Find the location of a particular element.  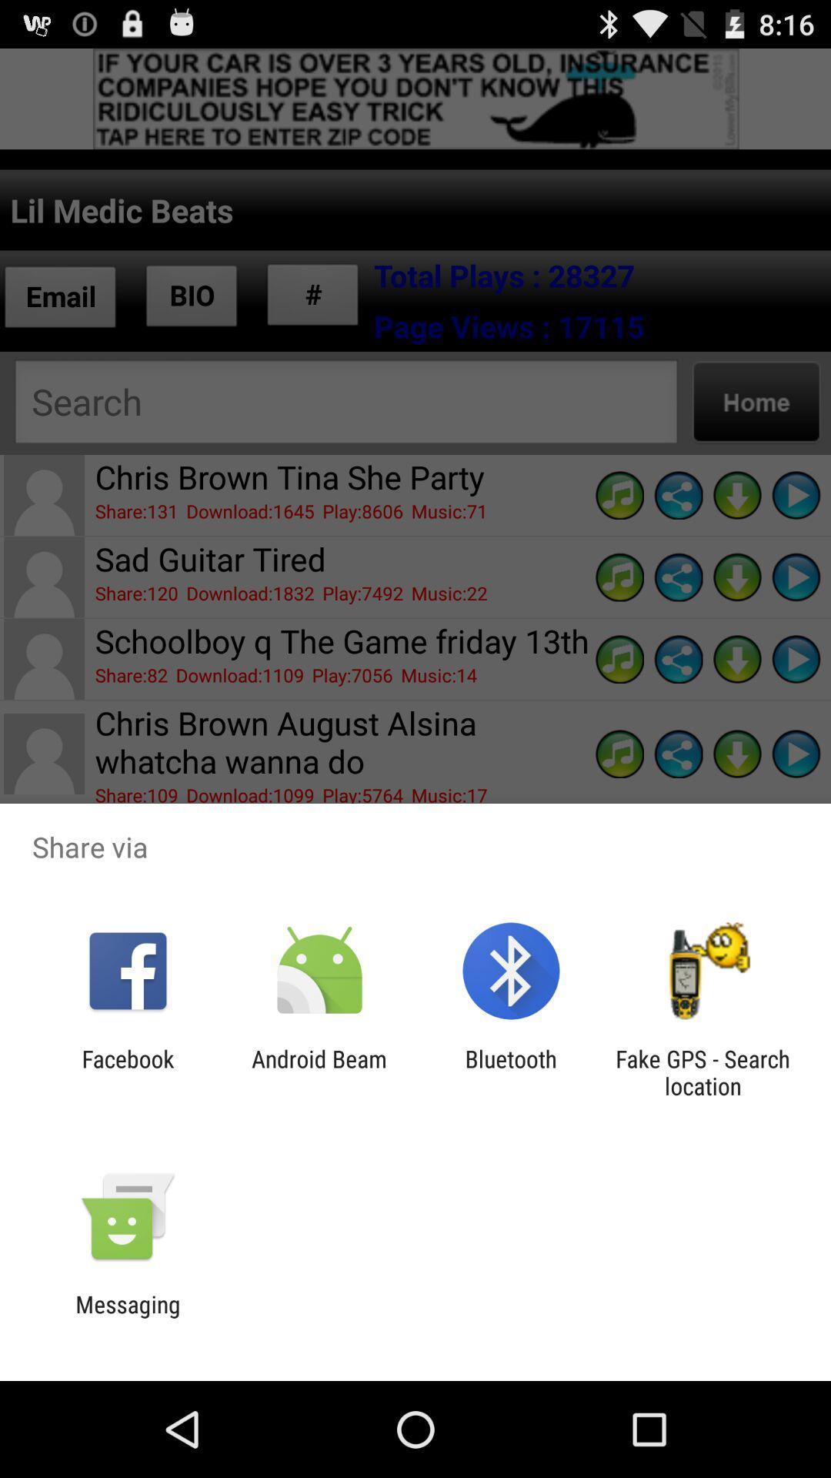

the icon to the right of the facebook app is located at coordinates (319, 1072).